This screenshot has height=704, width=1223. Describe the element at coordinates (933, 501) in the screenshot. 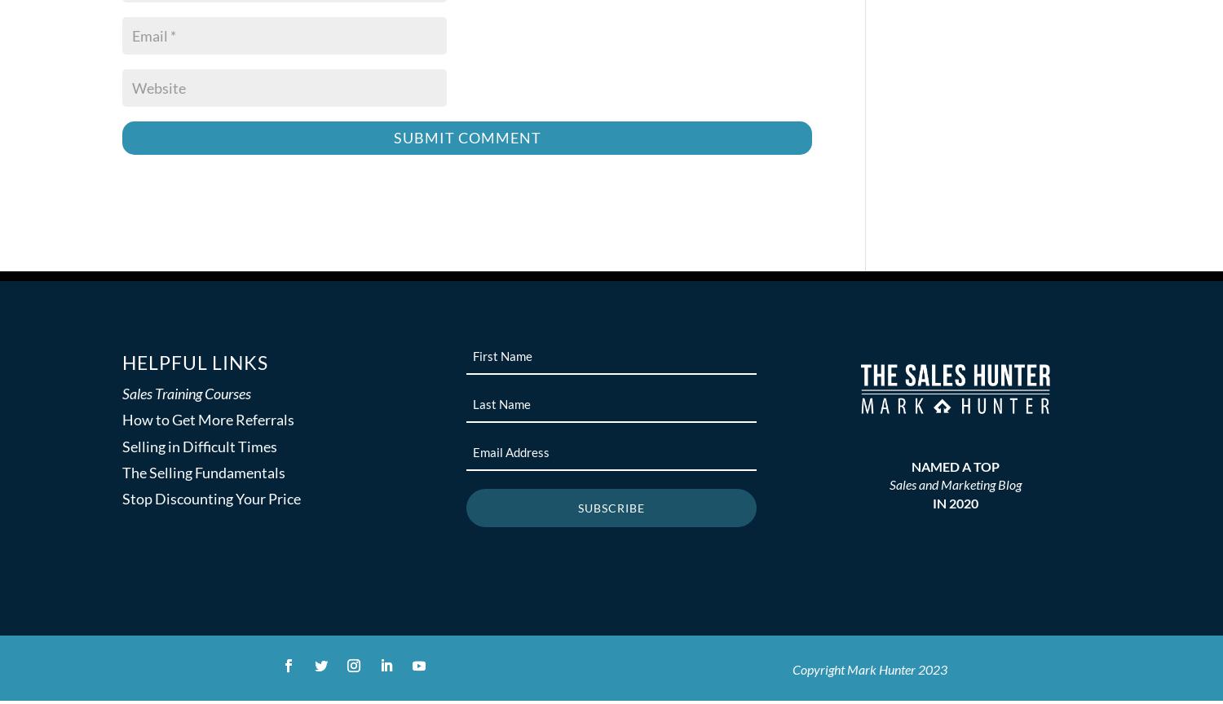

I see `'IN 2020'` at that location.